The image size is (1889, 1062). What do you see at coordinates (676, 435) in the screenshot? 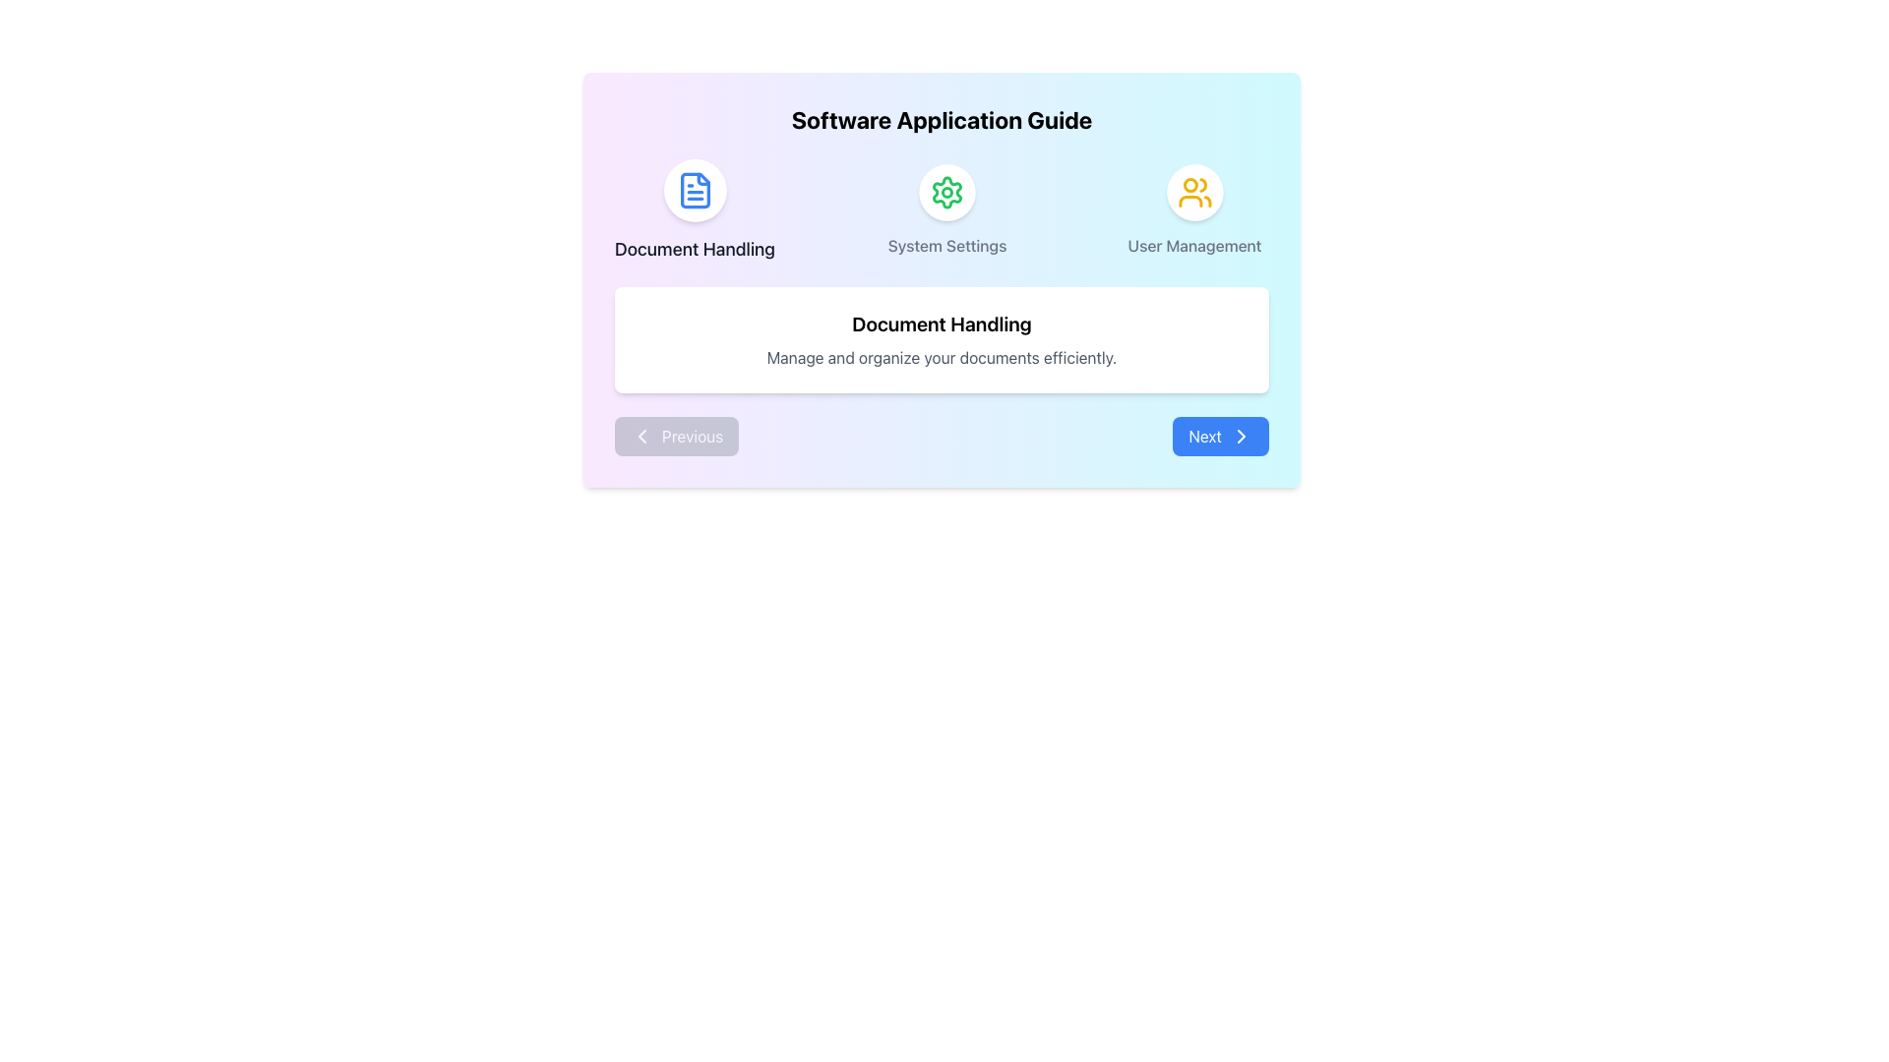
I see `the 'Previous' button, which has a gray background, white text, and a left-pointing chevron icon` at bounding box center [676, 435].